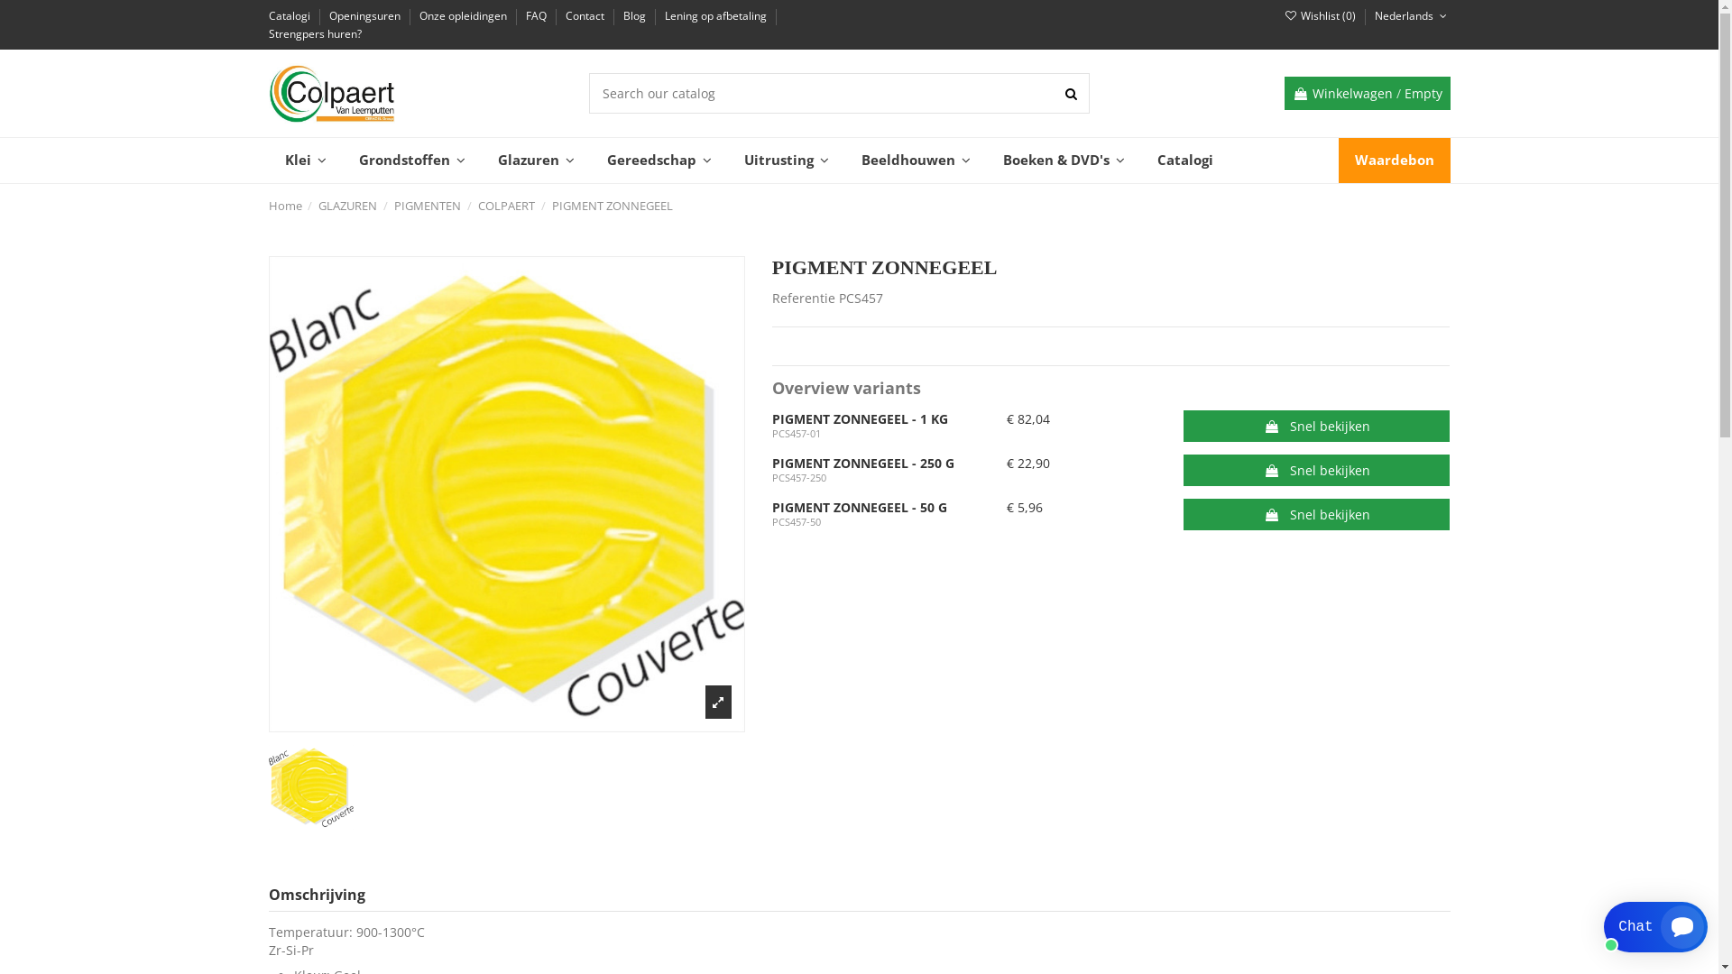  Describe the element at coordinates (1321, 15) in the screenshot. I see `'Wishlist (0)'` at that location.